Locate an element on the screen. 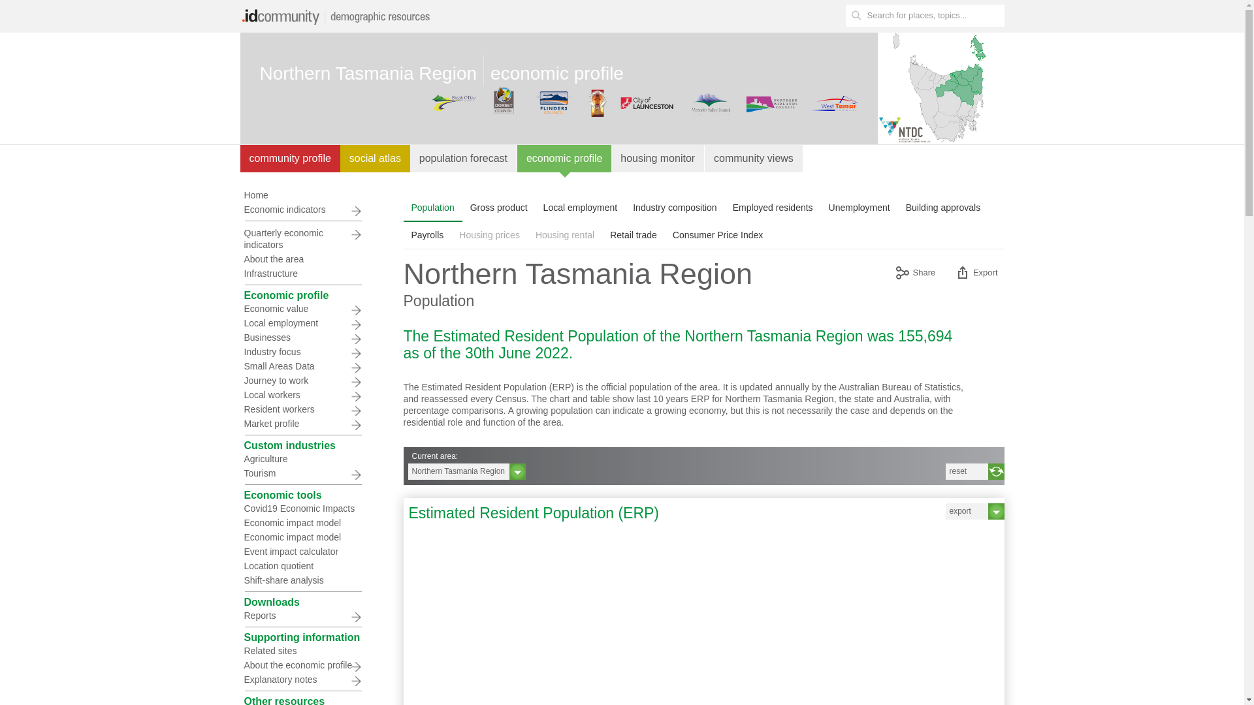 This screenshot has width=1254, height=705. 'Industry composition' is located at coordinates (674, 206).